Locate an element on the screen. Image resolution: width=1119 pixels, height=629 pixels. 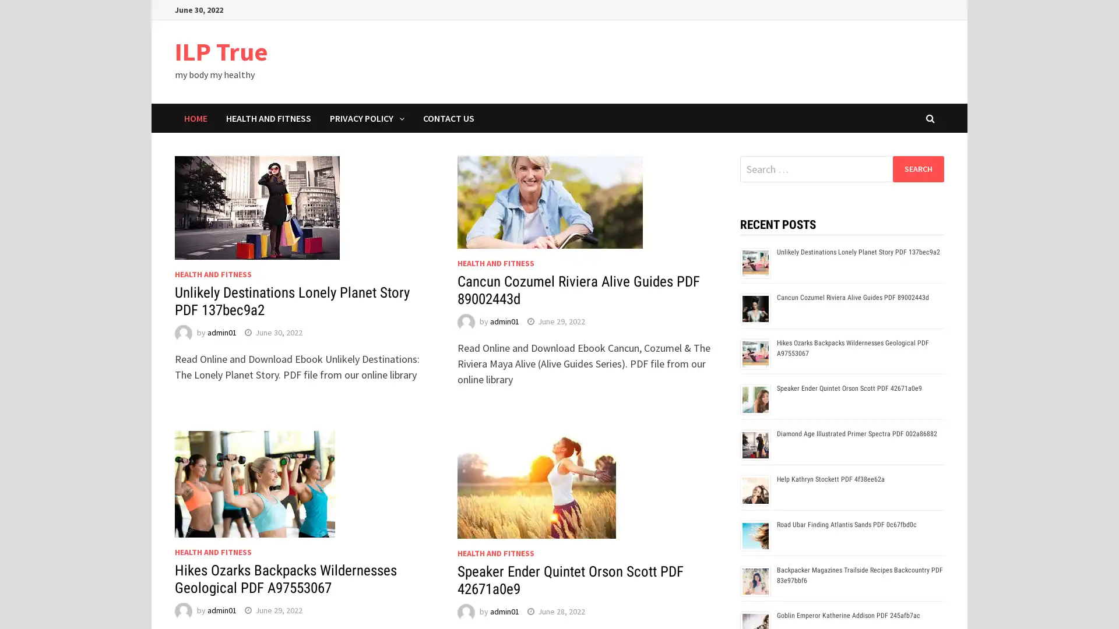
Search is located at coordinates (917, 168).